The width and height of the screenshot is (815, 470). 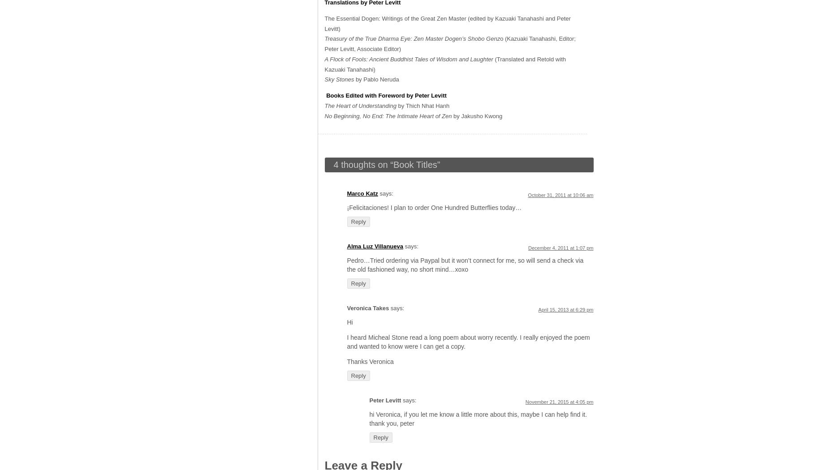 What do you see at coordinates (447, 22) in the screenshot?
I see `'The Essential Dogen: Writings of the Great Zen Master (edited by Kazuaki Tanahashi and Peter Levitt)'` at bounding box center [447, 22].